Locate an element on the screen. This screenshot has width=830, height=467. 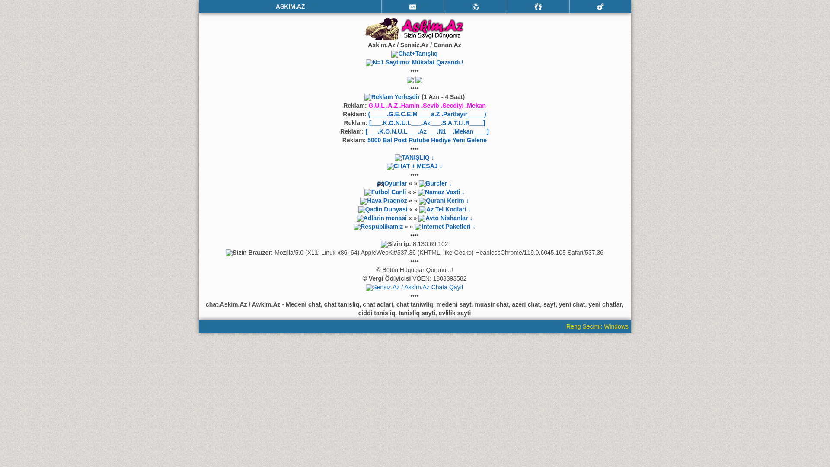
'G.U.L .A.Z .Hamin .Sevib .Secdiyi .Mekan' is located at coordinates (427, 105).